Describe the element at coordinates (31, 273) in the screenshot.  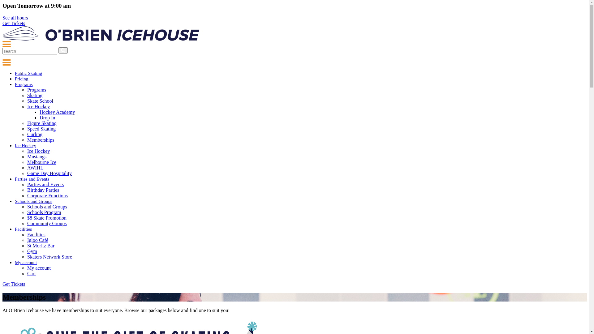
I see `'Cart'` at that location.